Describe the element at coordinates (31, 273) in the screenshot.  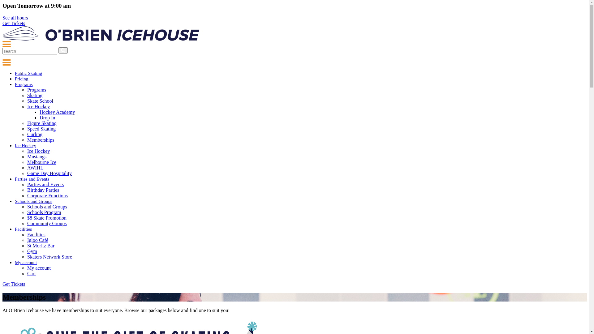
I see `'Cart'` at that location.